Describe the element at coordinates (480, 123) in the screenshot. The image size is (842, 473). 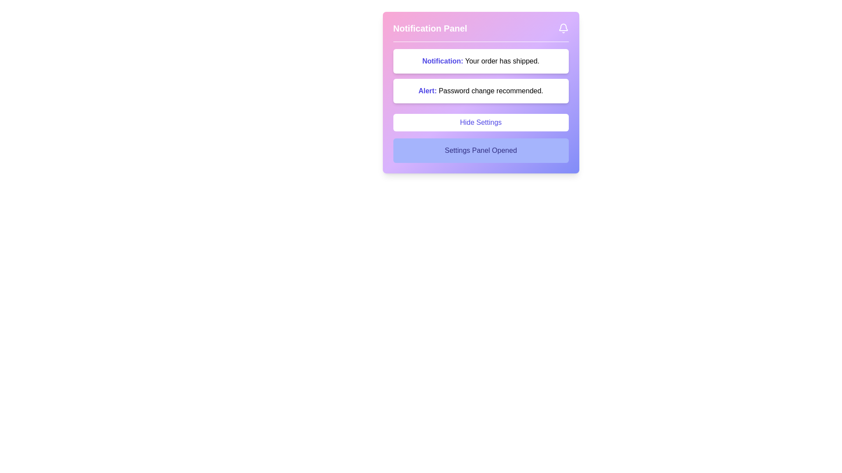
I see `the toggle button to hide the settings panel located within the notification panel interface, positioned directly above the 'Settings Panel Opened' button` at that location.